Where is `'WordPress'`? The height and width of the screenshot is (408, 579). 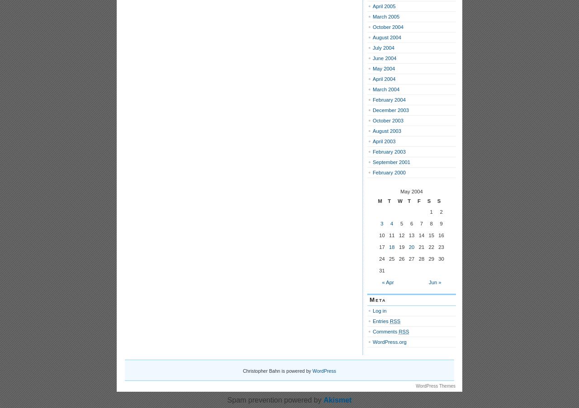
'WordPress' is located at coordinates (324, 370).